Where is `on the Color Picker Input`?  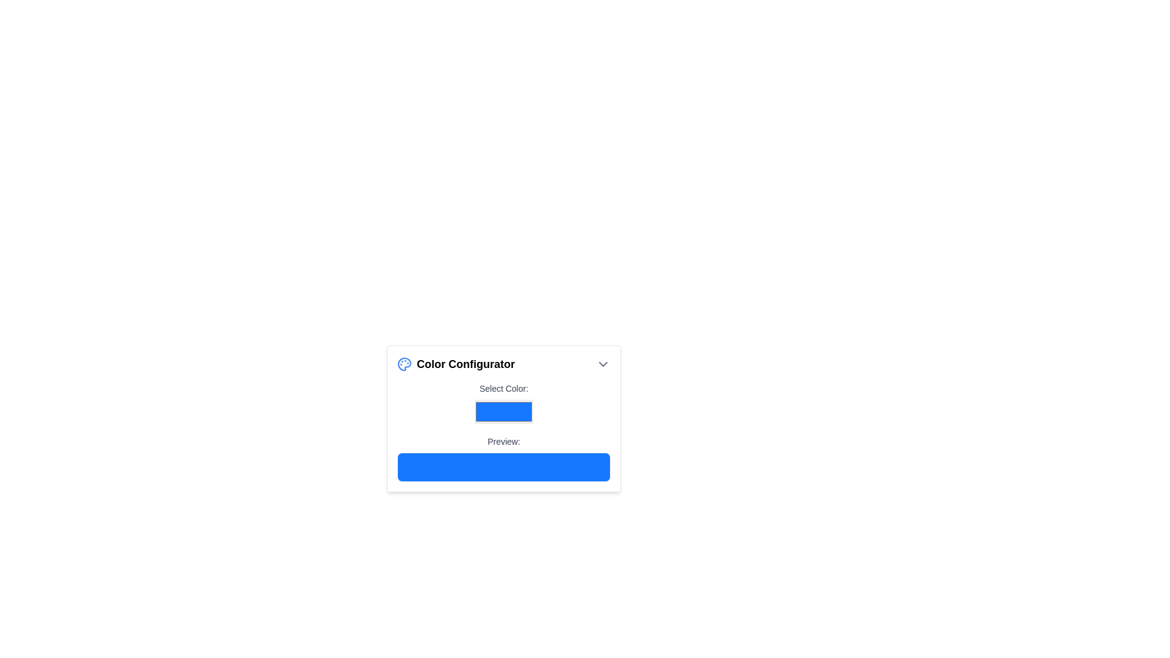 on the Color Picker Input is located at coordinates (503, 411).